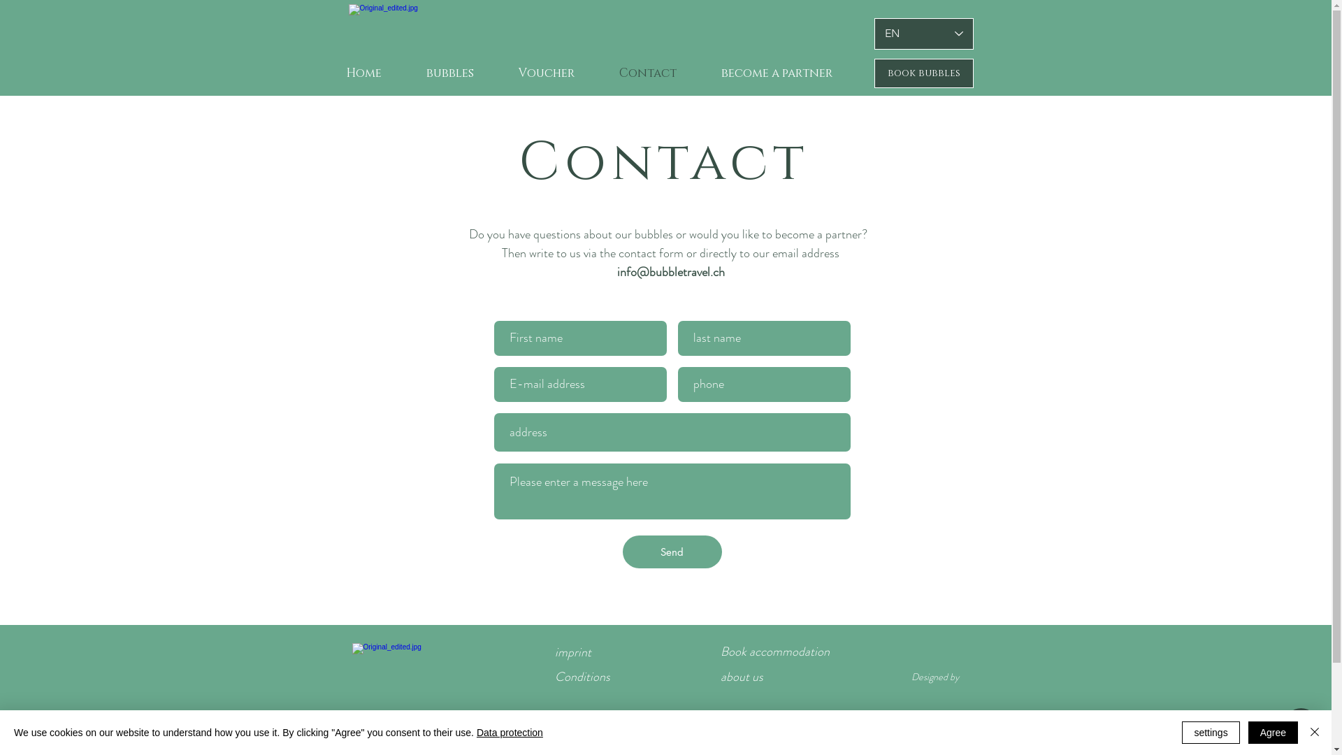 The height and width of the screenshot is (755, 1342). Describe the element at coordinates (1210, 732) in the screenshot. I see `'settings'` at that location.